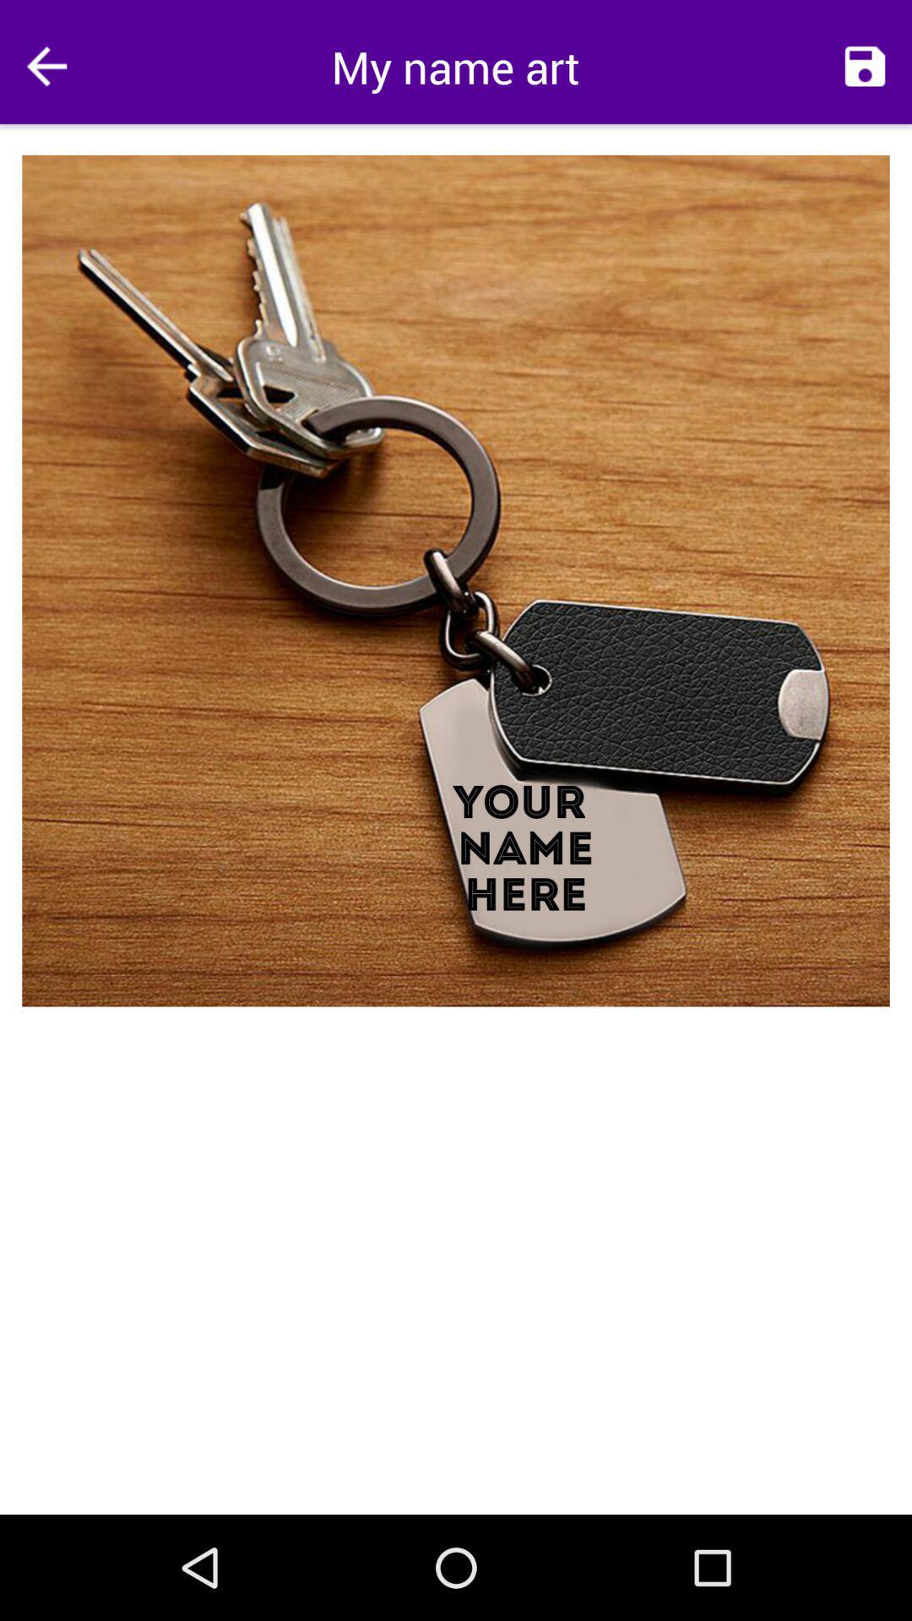  What do you see at coordinates (46, 70) in the screenshot?
I see `the arrow_backward icon` at bounding box center [46, 70].